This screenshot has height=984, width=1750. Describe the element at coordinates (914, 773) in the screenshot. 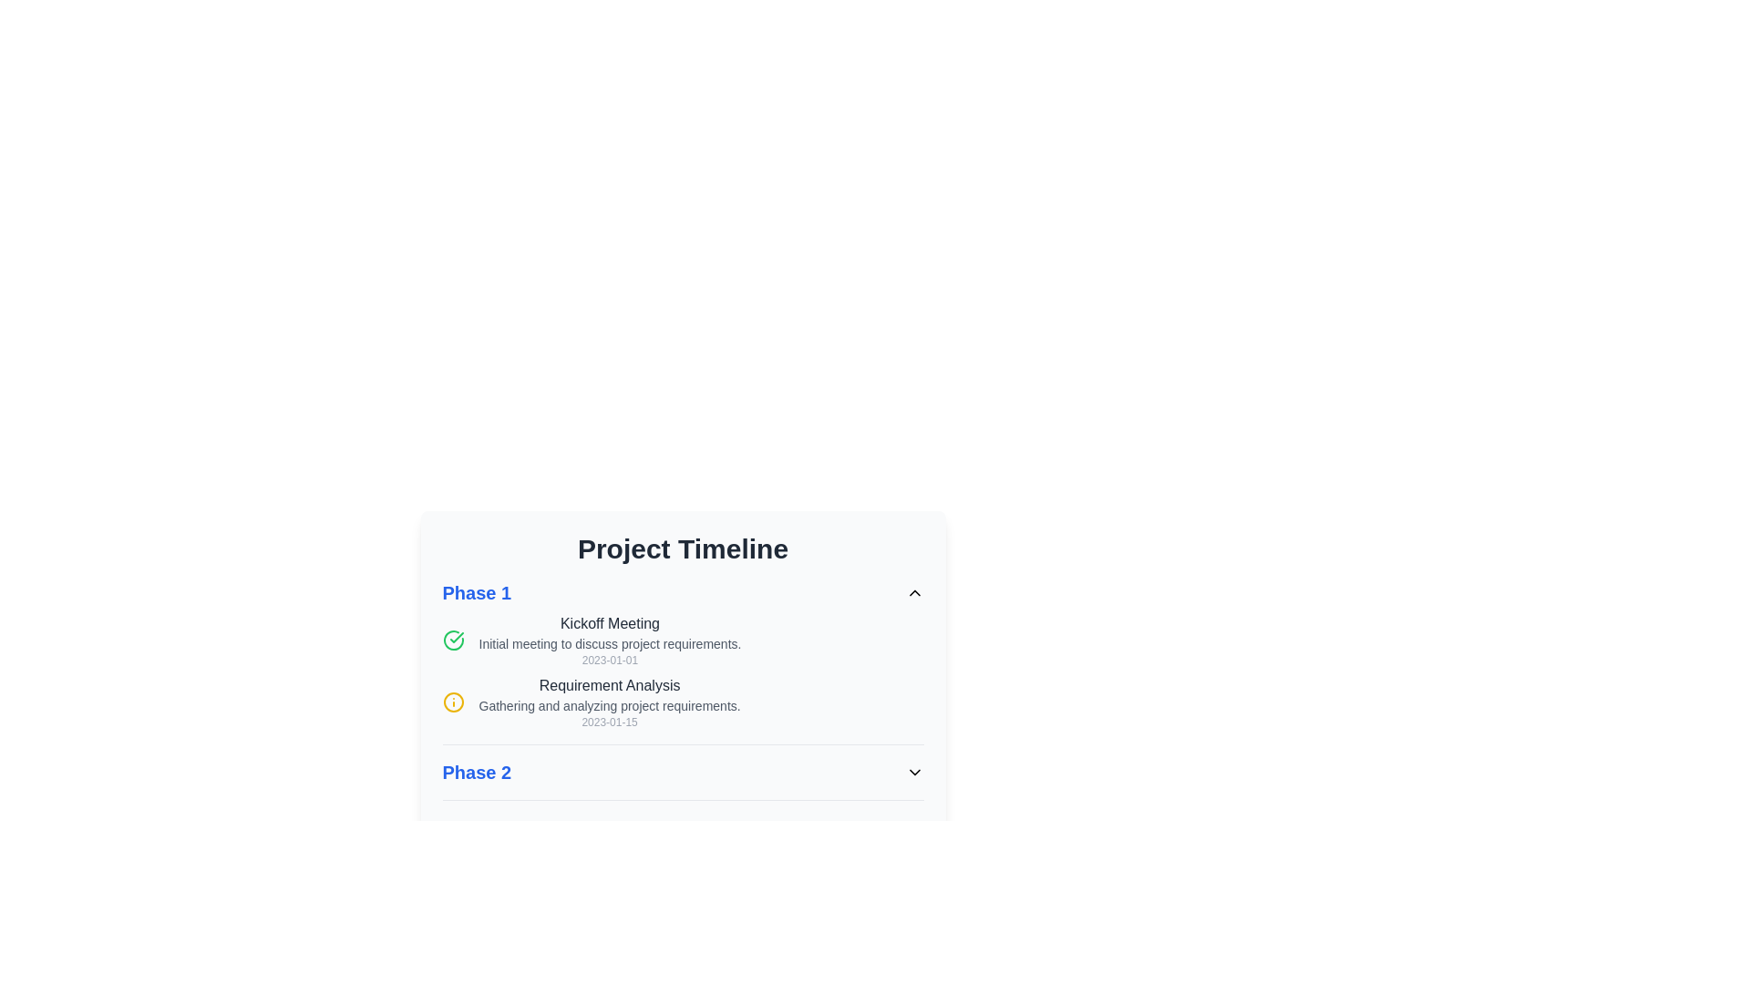

I see `the chevron-down icon located to the right of the text 'Phase 2'` at that location.